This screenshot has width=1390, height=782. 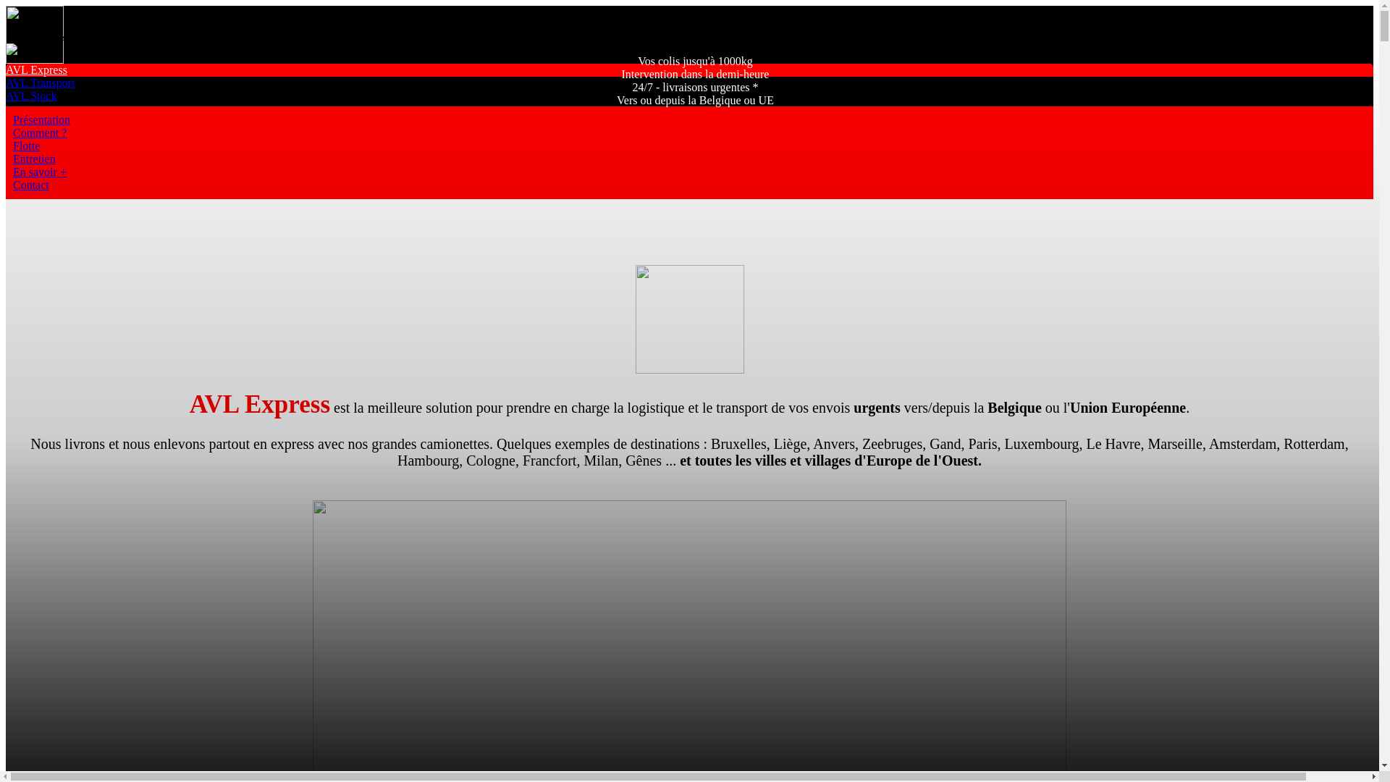 I want to click on 'AVL Transport', so click(x=41, y=83).